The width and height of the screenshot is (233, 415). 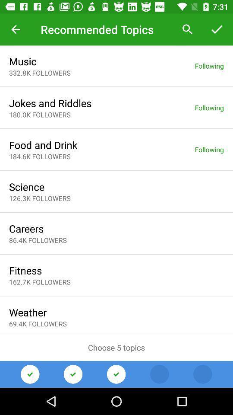 What do you see at coordinates (16, 29) in the screenshot?
I see `icon to the left of the recommended topics item` at bounding box center [16, 29].